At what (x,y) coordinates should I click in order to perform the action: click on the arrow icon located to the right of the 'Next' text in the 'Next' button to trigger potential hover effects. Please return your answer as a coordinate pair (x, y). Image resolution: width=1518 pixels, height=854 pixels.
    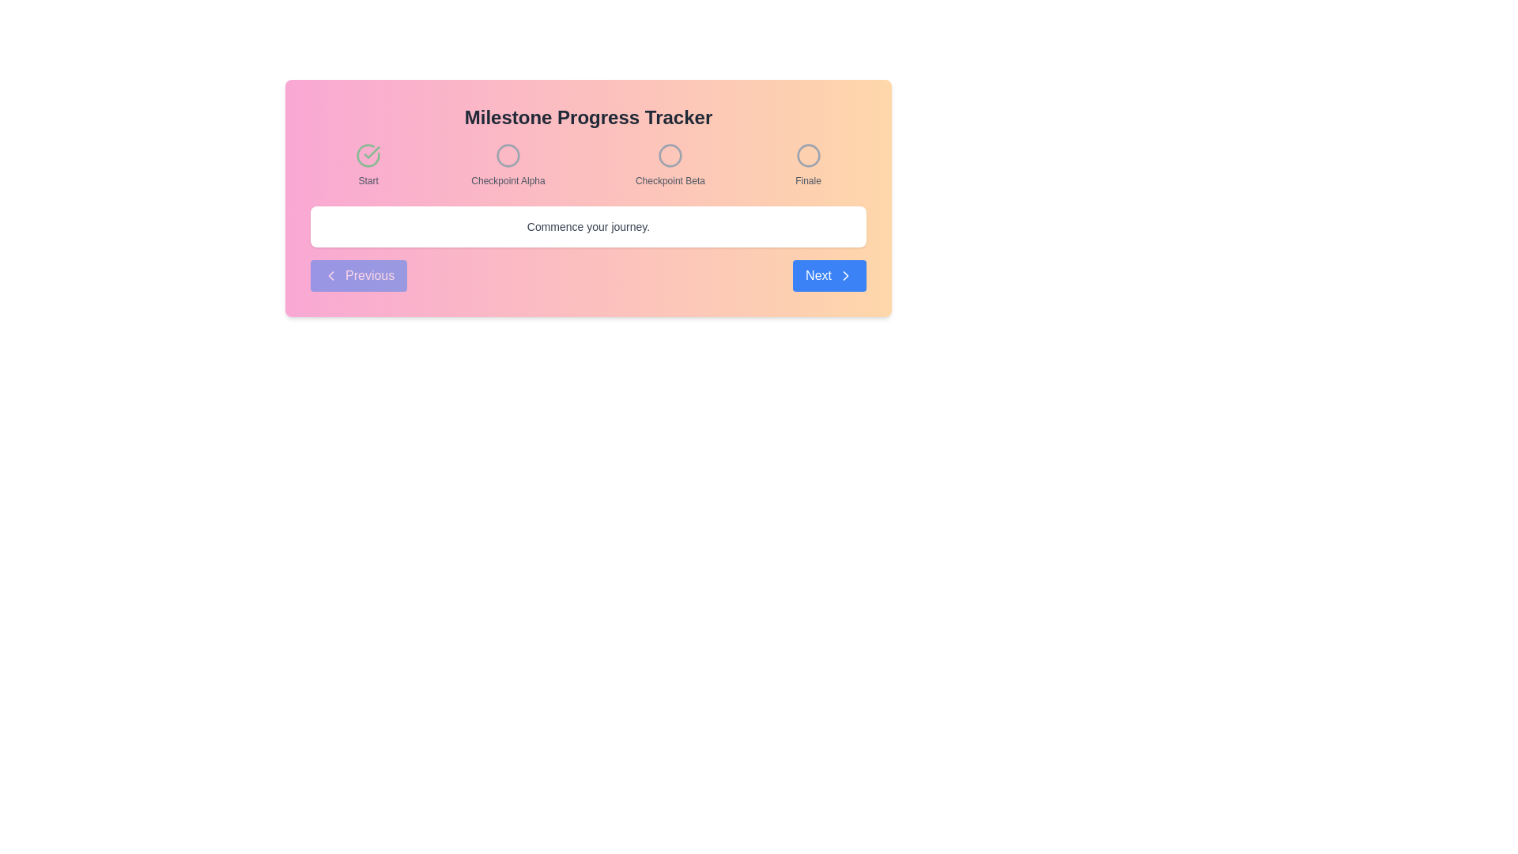
    Looking at the image, I should click on (845, 274).